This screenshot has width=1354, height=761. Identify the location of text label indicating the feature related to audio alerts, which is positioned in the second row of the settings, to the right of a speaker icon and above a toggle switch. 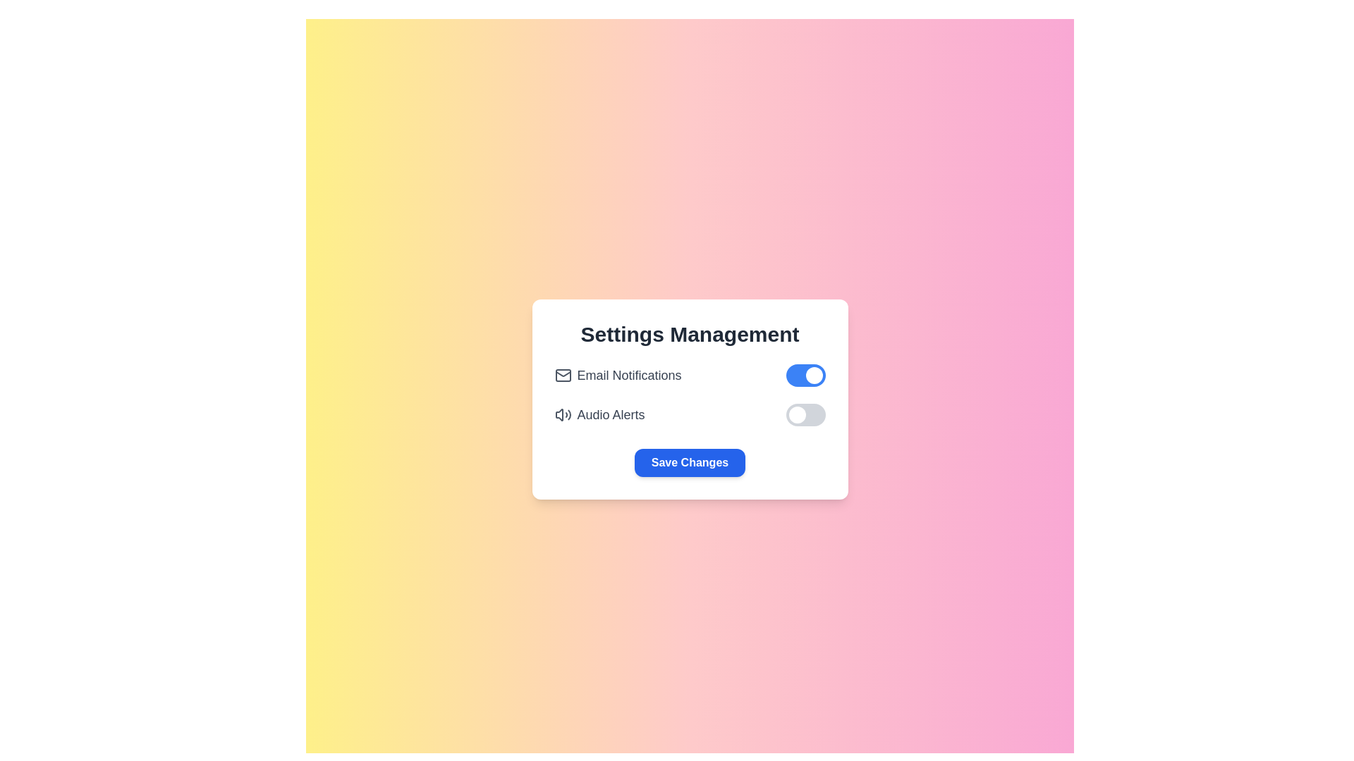
(611, 414).